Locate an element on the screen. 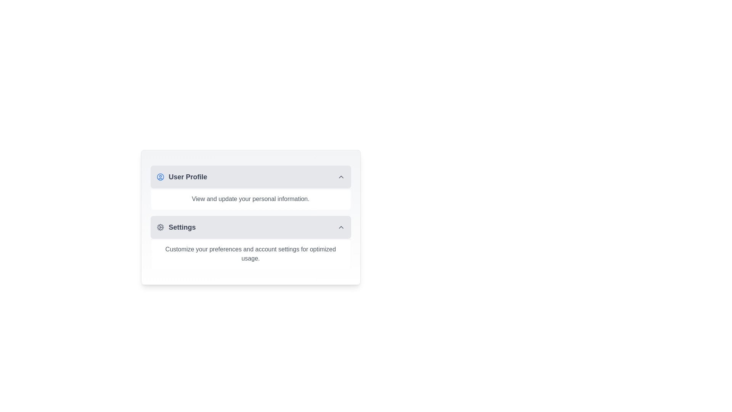  the circular segment of the user profile icon, which is part of the 'User Profile' component located near the top of the layout is located at coordinates (160, 177).